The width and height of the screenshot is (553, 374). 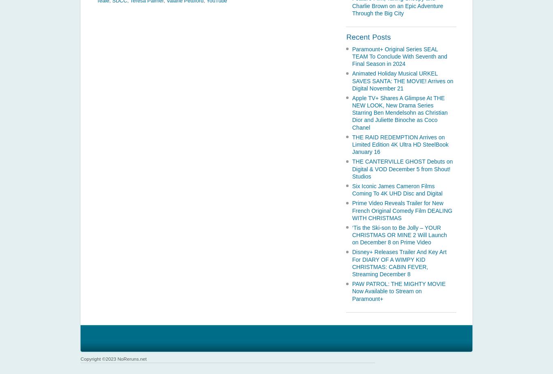 I want to click on 'THE CANTERVILLE GHOST Debuts on Digital & VOD December 5 from Shout! Studios', so click(x=402, y=168).